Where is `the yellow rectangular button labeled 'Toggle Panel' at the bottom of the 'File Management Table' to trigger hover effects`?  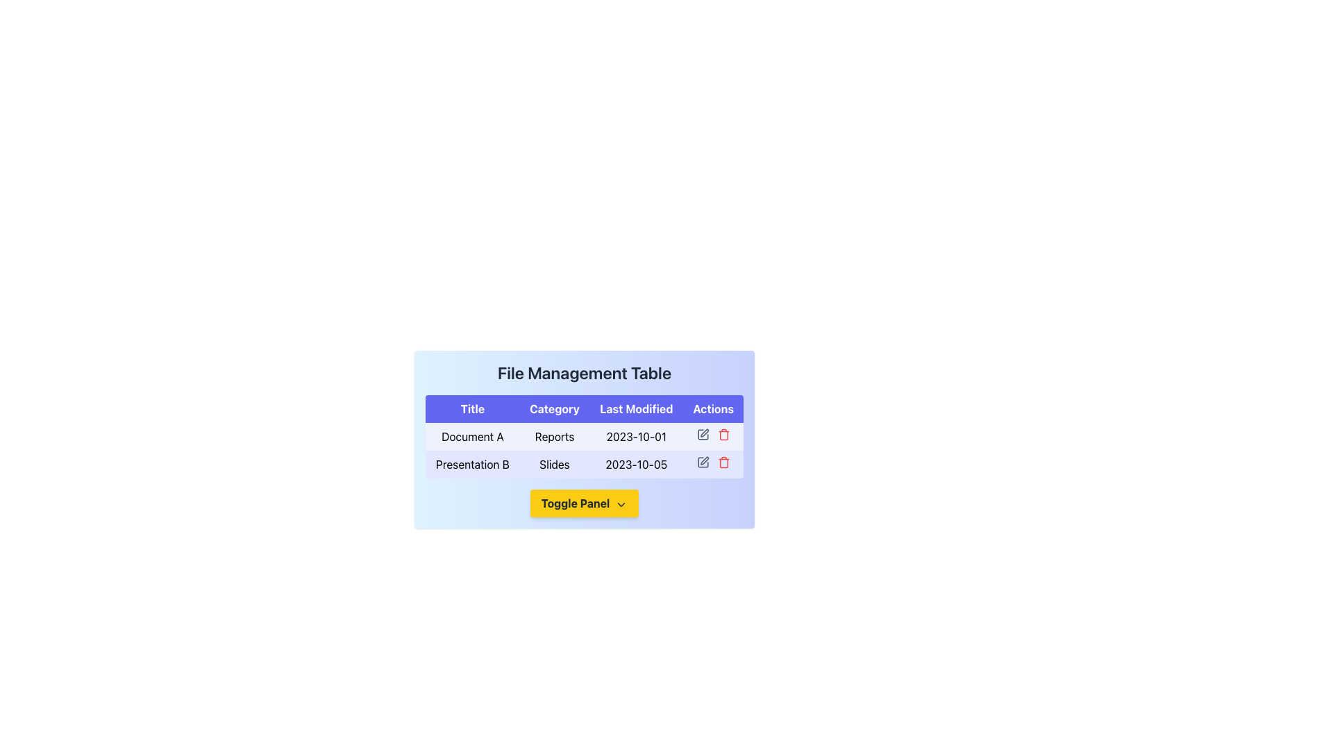
the yellow rectangular button labeled 'Toggle Panel' at the bottom of the 'File Management Table' to trigger hover effects is located at coordinates (584, 503).